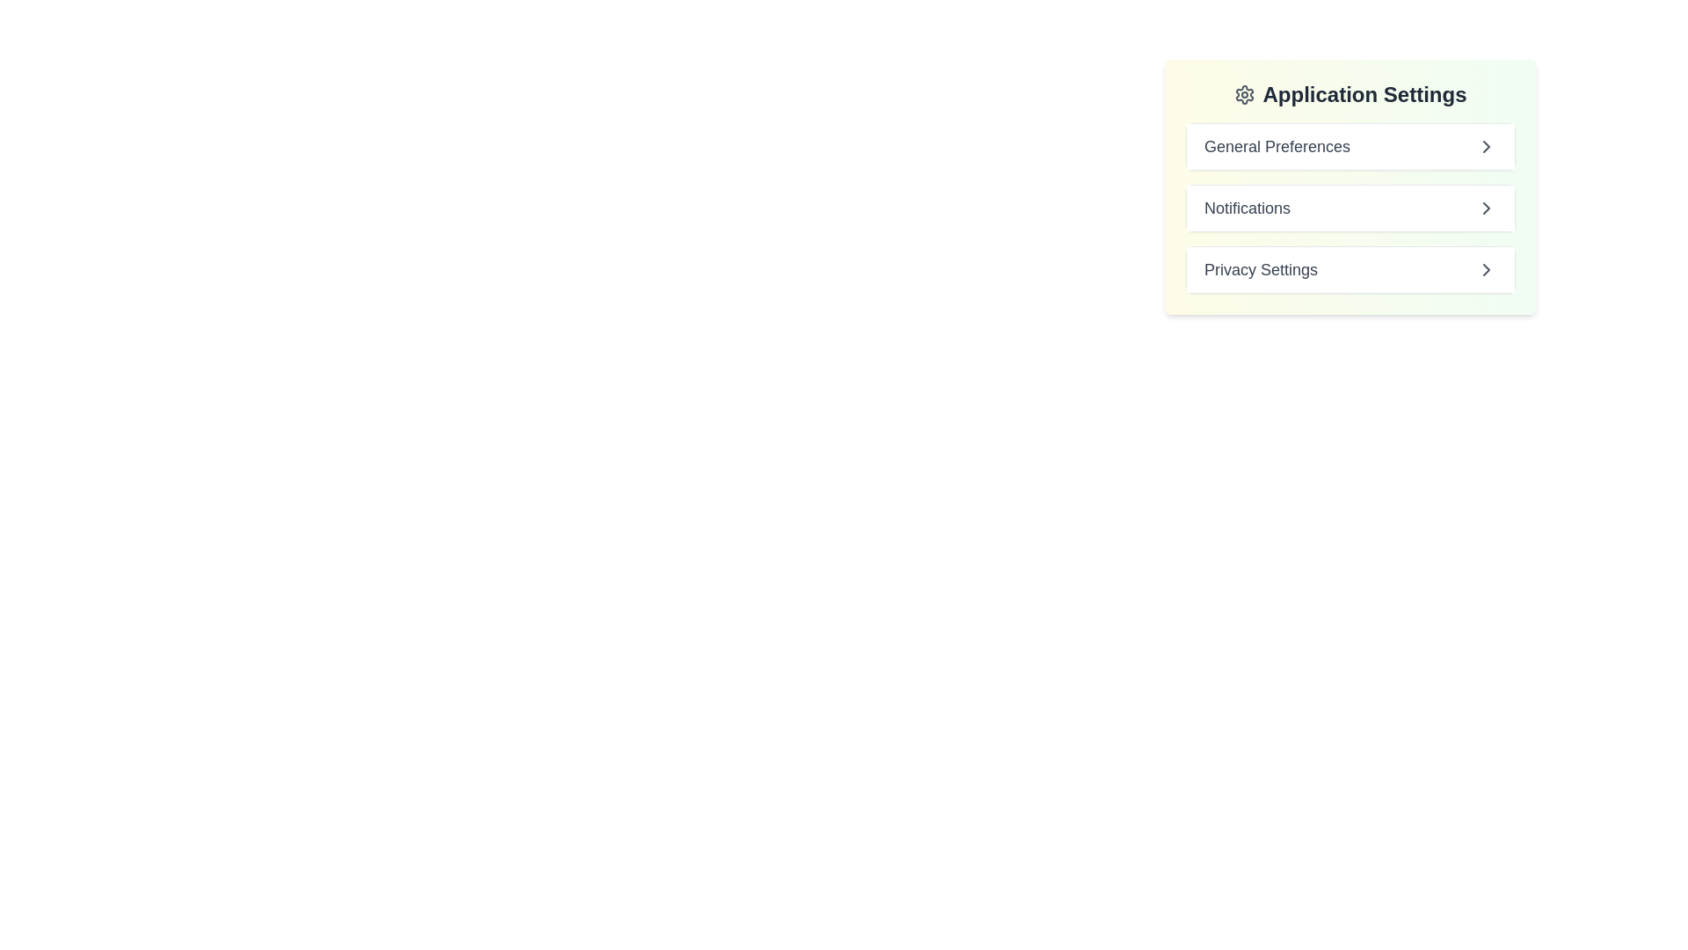 This screenshot has width=1688, height=950. What do you see at coordinates (1277, 145) in the screenshot?
I see `the 'General Preferences' text label, which is styled in medium-sized dark gray font and is located within the first item of the 'Application Settings' panel` at bounding box center [1277, 145].